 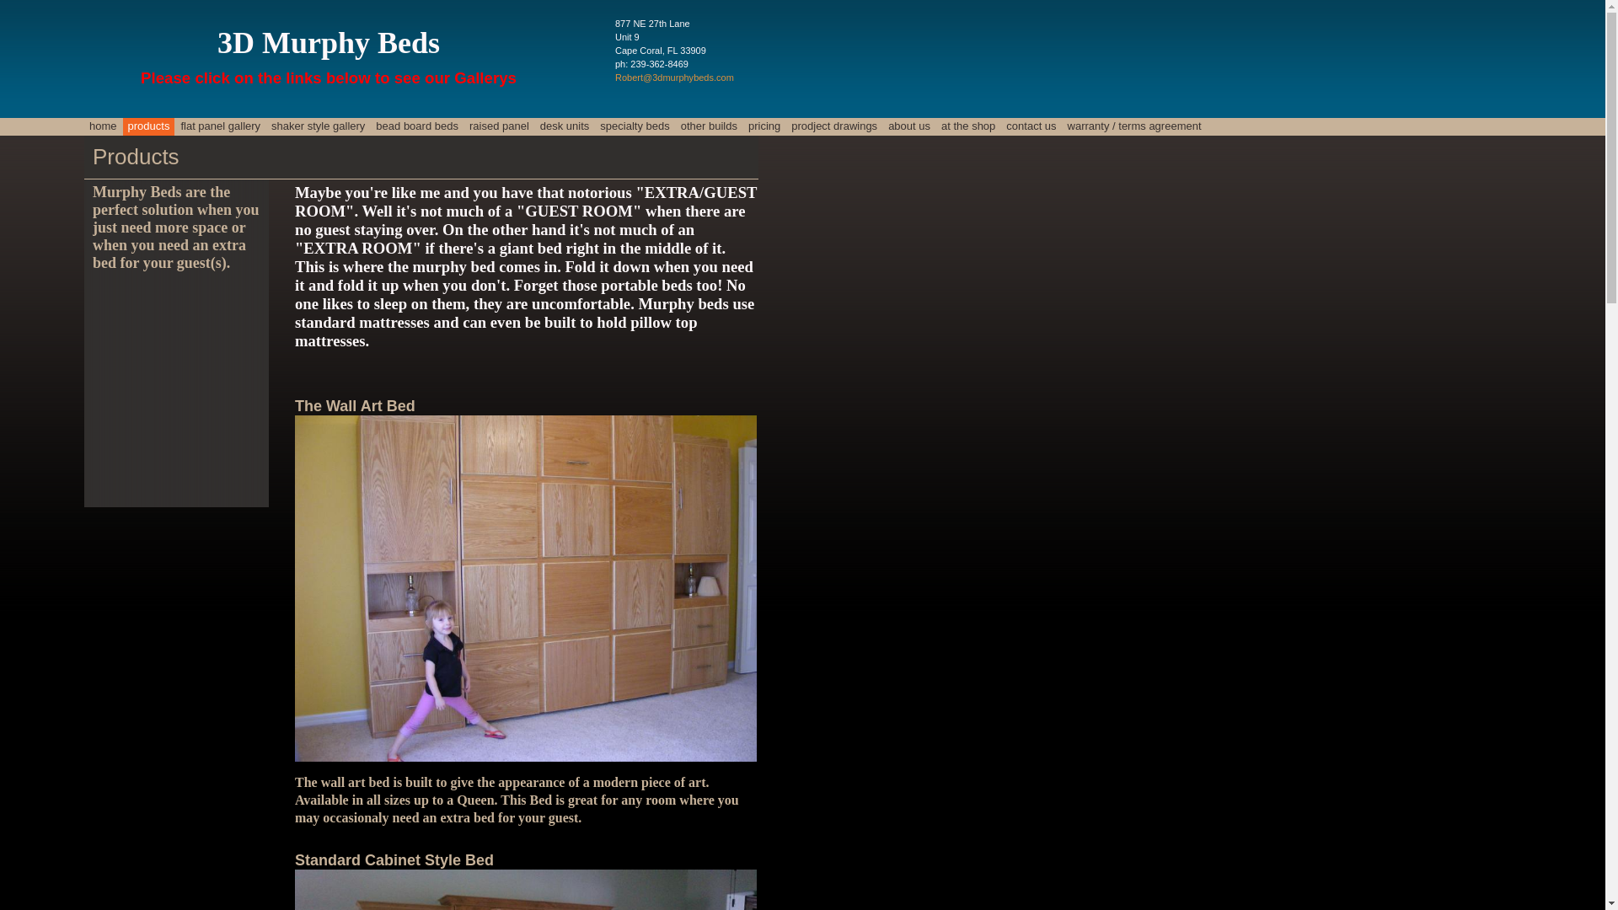 What do you see at coordinates (935, 126) in the screenshot?
I see `'at the shop'` at bounding box center [935, 126].